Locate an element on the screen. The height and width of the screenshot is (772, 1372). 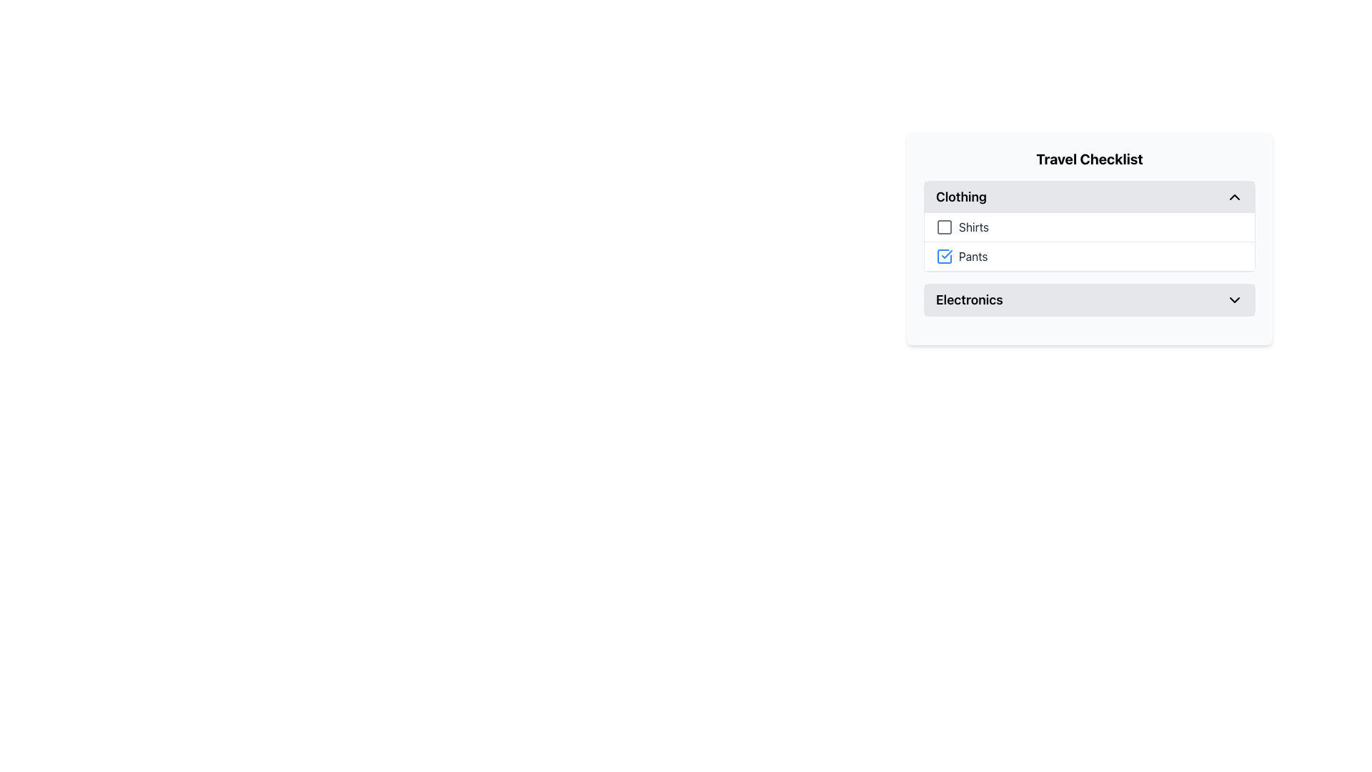
the 'Electronics' text label located in the horizontal light-gray bar, which is left-aligned and has an adjacent chevron-down icon indicating an expandable section is located at coordinates (969, 300).